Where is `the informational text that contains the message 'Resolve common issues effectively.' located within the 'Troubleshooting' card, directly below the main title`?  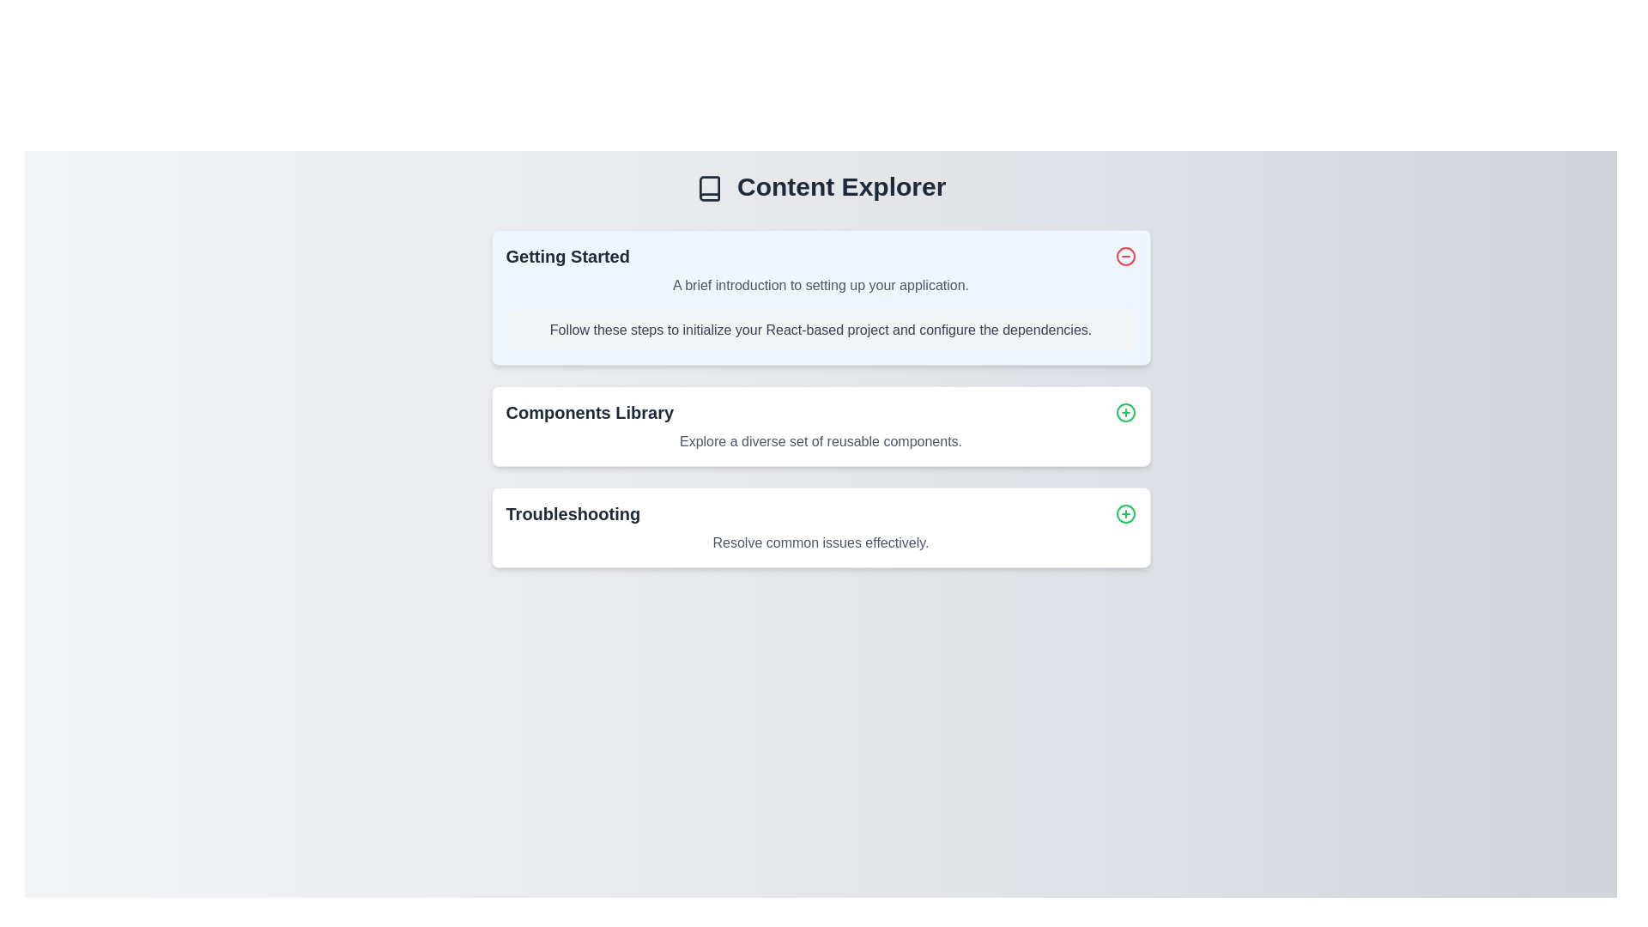
the informational text that contains the message 'Resolve common issues effectively.' located within the 'Troubleshooting' card, directly below the main title is located at coordinates (820, 543).